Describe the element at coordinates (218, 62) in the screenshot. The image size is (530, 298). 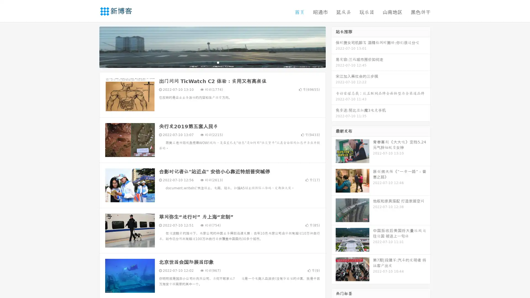
I see `Go to slide 3` at that location.